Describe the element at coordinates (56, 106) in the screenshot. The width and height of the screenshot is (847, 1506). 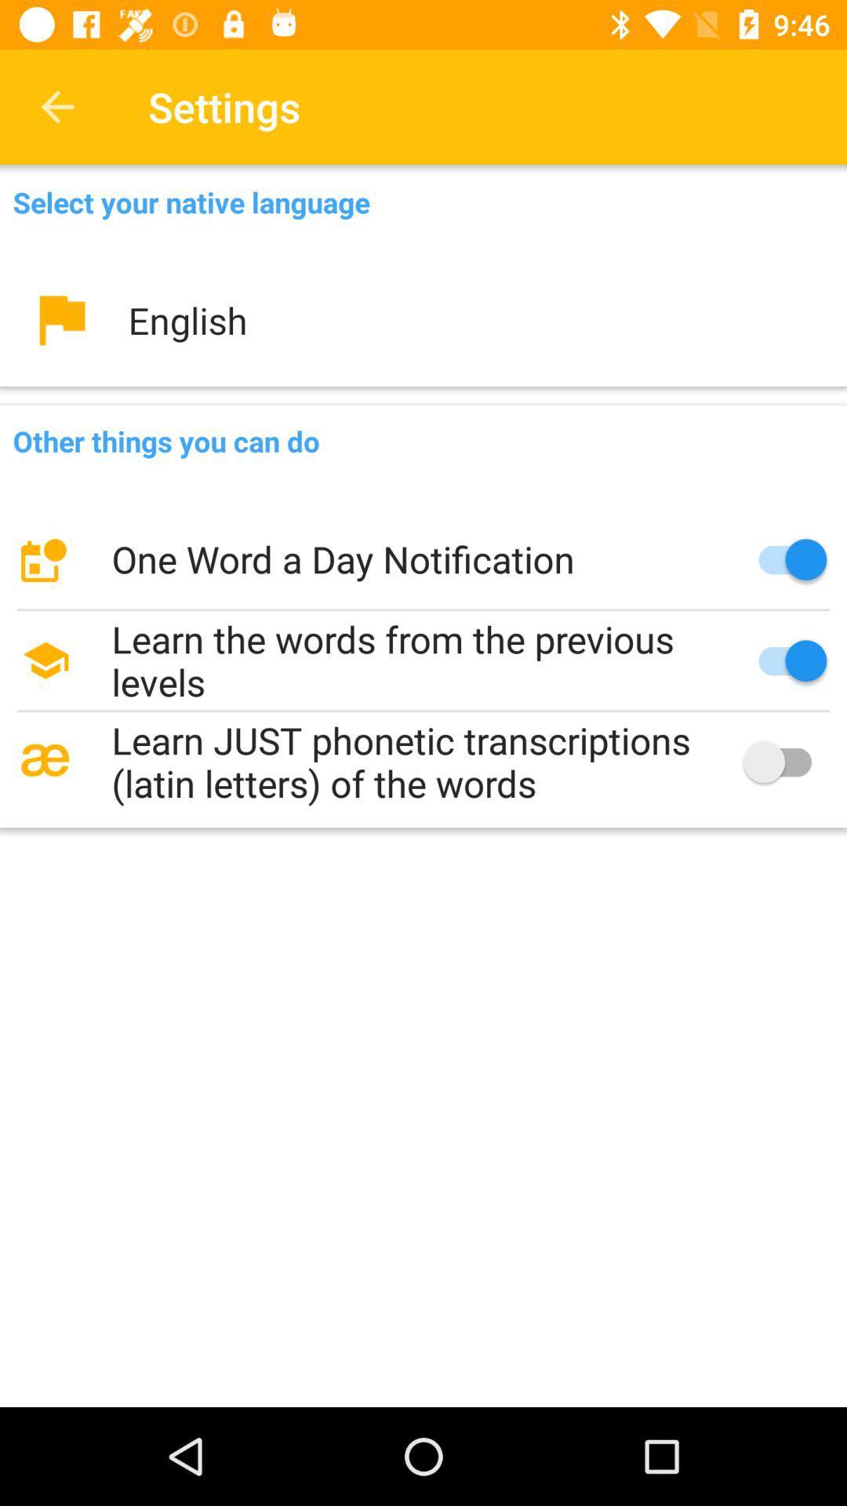
I see `icon next to the settings item` at that location.